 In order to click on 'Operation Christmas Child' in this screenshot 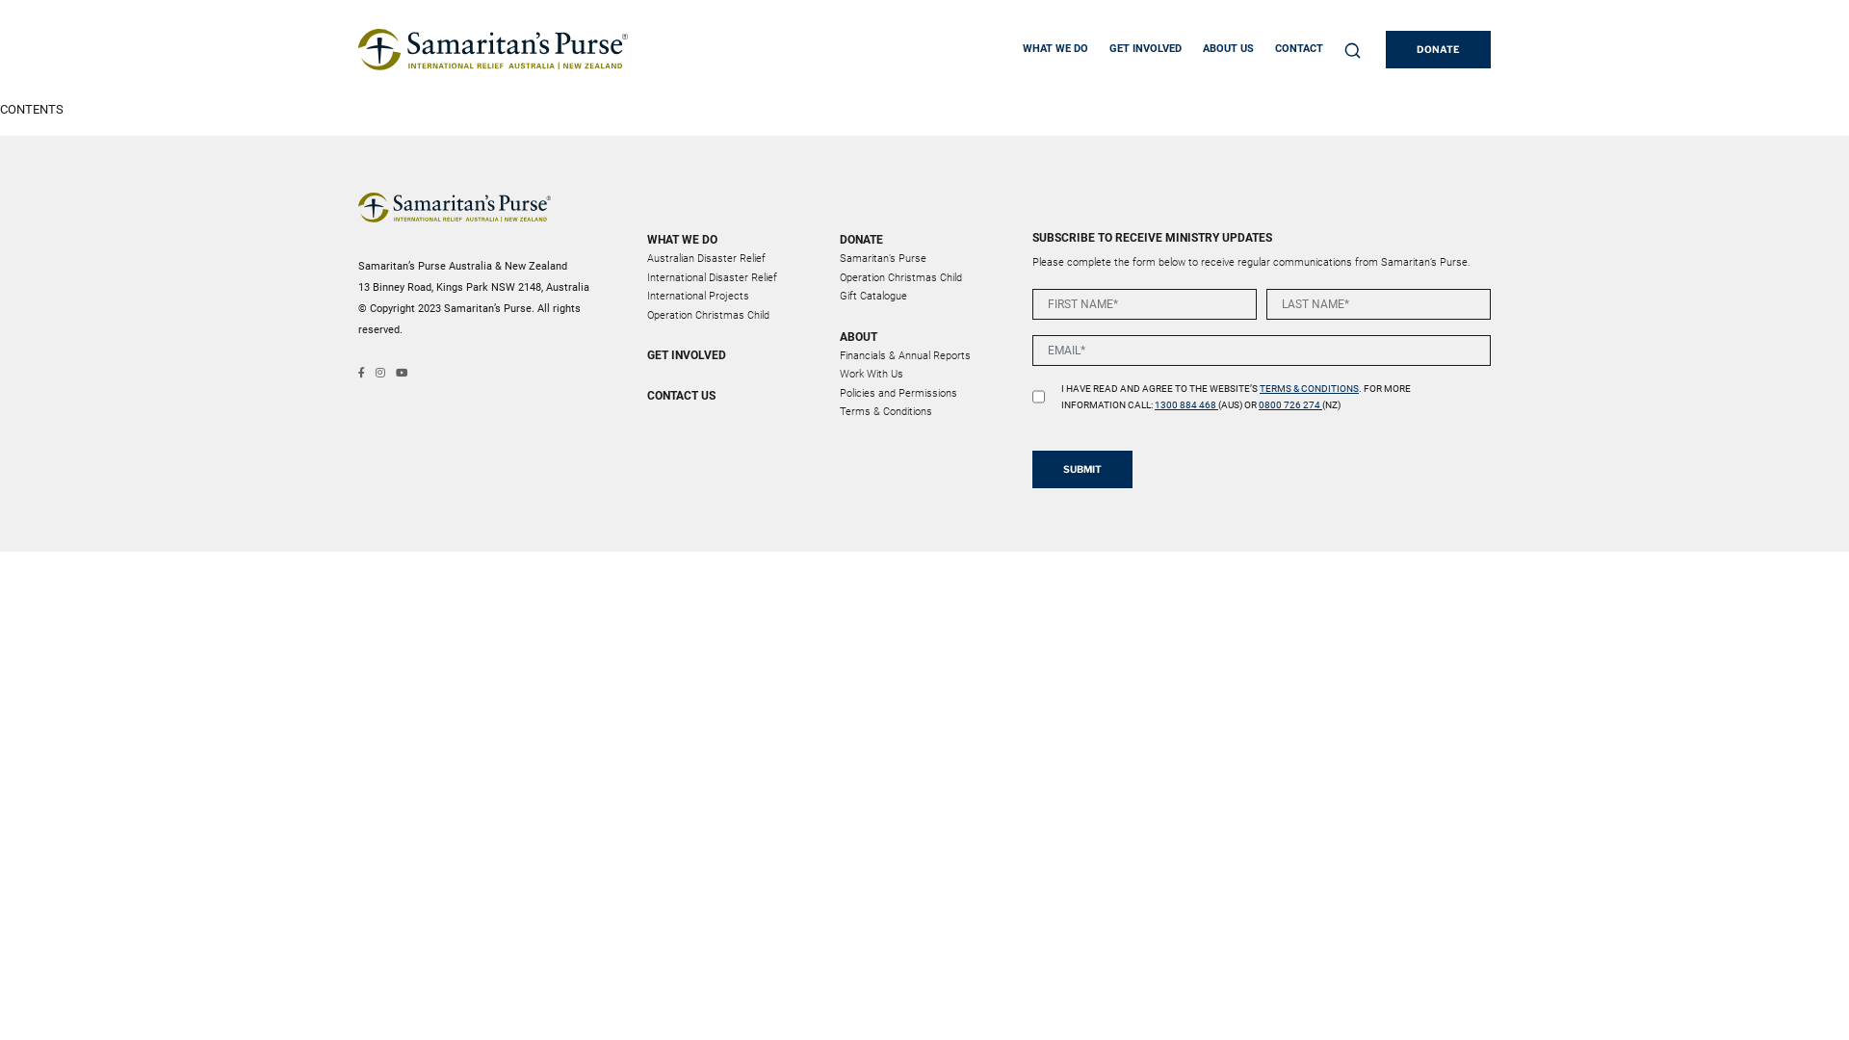, I will do `click(899, 277)`.